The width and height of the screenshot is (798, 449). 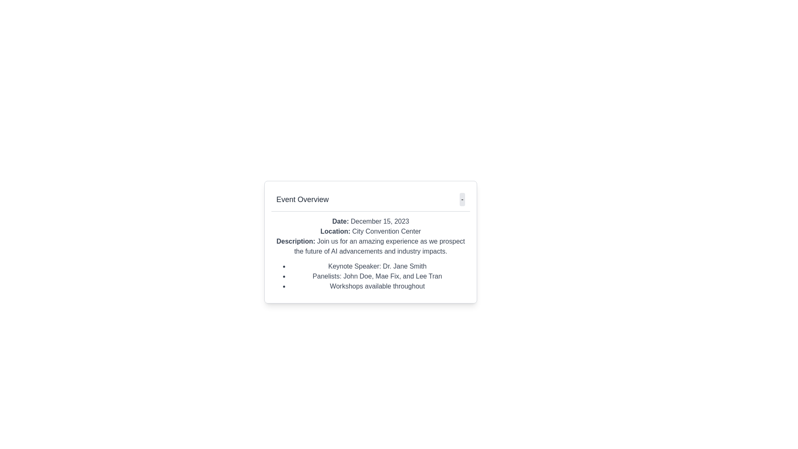 I want to click on the Text label located in the panel below the 'Event Overview' title to focus or highlight it, so click(x=296, y=241).